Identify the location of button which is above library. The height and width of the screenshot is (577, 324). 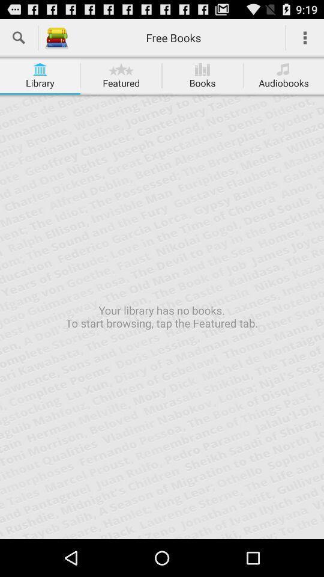
(40, 69).